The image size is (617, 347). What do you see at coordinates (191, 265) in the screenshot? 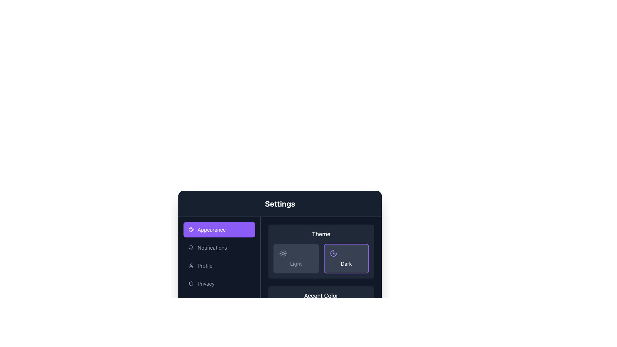
I see `the 'Profile' icon in the navigation menu` at bounding box center [191, 265].